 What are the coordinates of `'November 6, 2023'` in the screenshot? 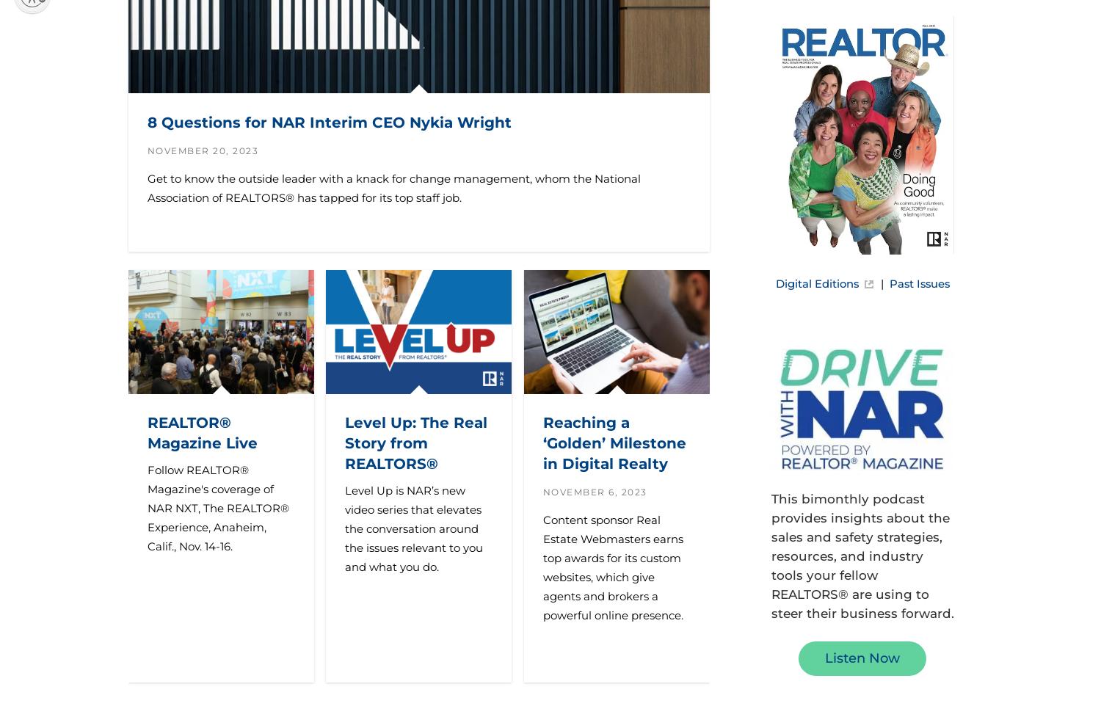 It's located at (595, 492).